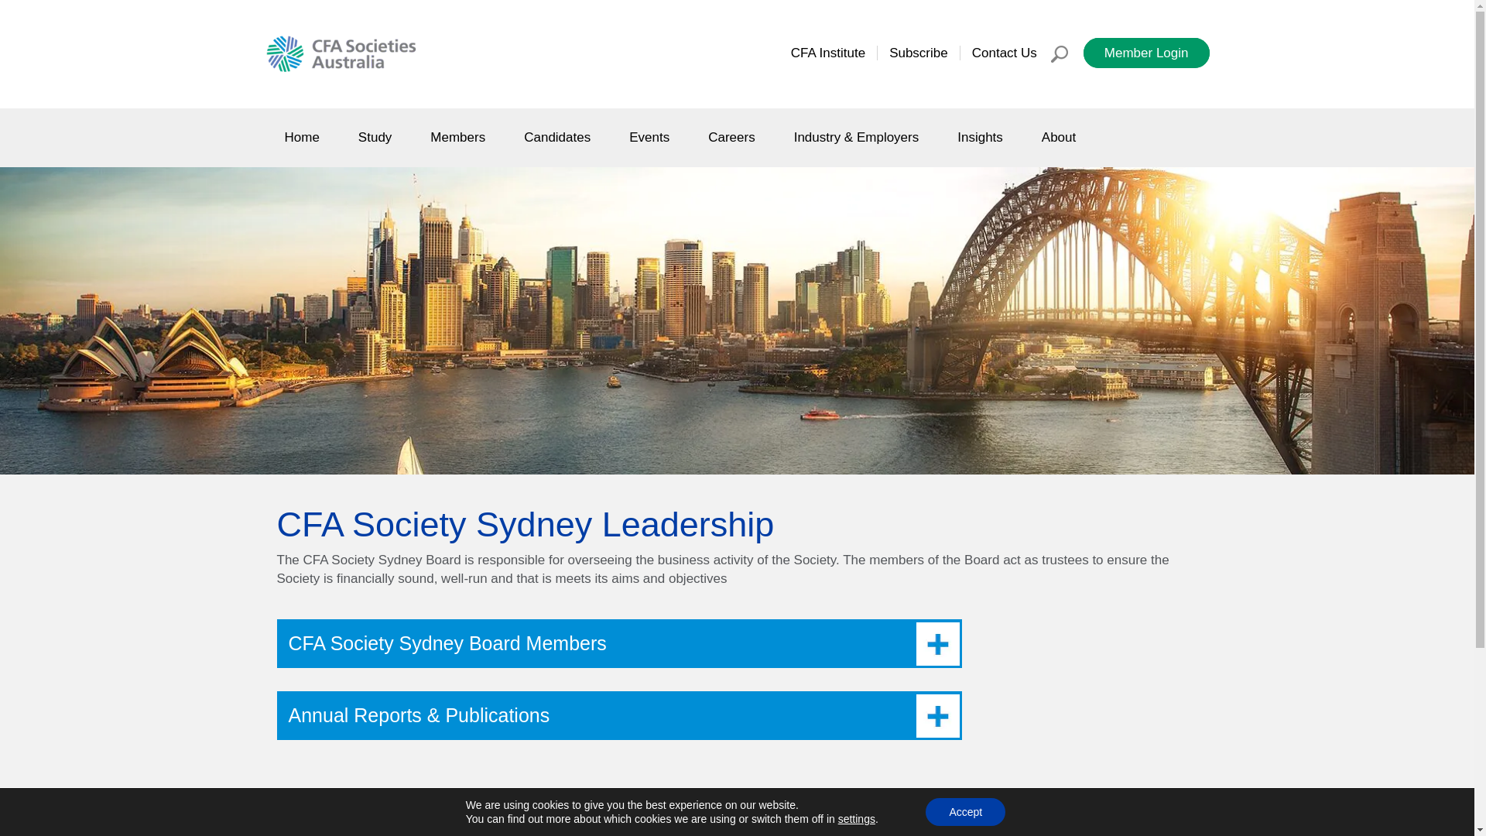 The height and width of the screenshot is (836, 1486). What do you see at coordinates (827, 52) in the screenshot?
I see `'CFA Institute'` at bounding box center [827, 52].